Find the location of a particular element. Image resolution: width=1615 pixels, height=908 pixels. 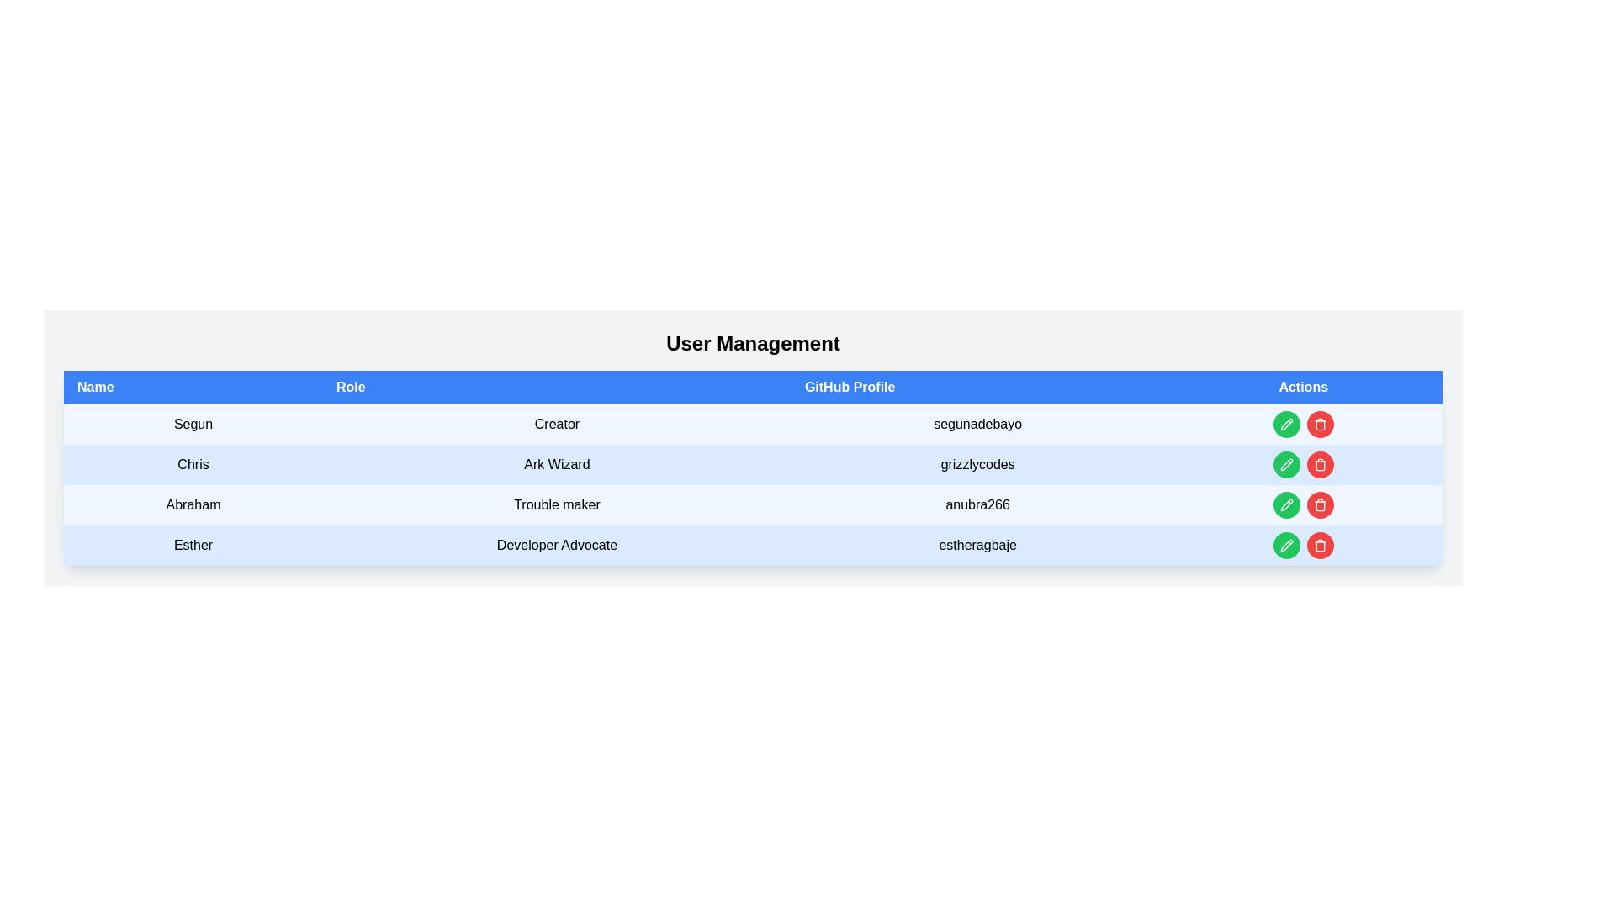

the text label 'Ark Wizard' located in the second column of the second row of the table is located at coordinates (557, 464).